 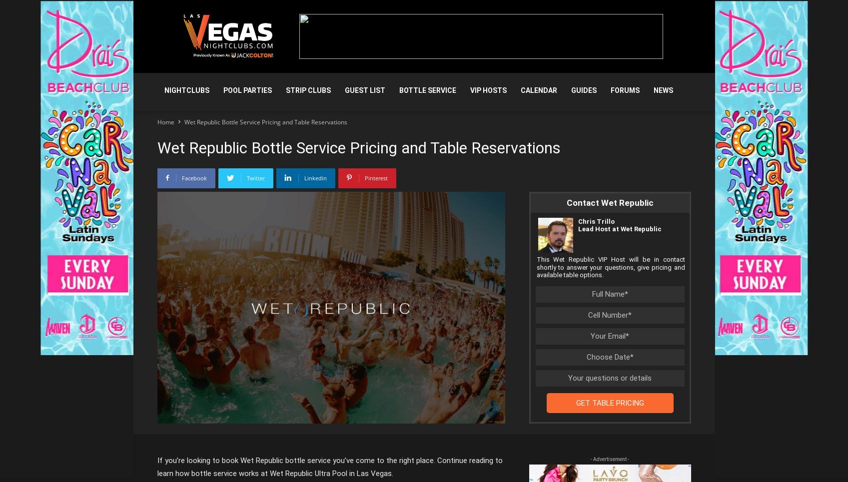 What do you see at coordinates (255, 178) in the screenshot?
I see `'Twitter'` at bounding box center [255, 178].